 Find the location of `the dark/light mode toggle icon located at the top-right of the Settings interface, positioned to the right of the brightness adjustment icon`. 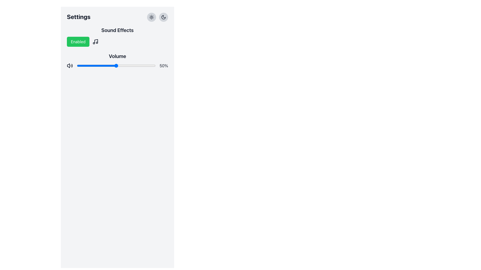

the dark/light mode toggle icon located at the top-right of the Settings interface, positioned to the right of the brightness adjustment icon is located at coordinates (163, 17).